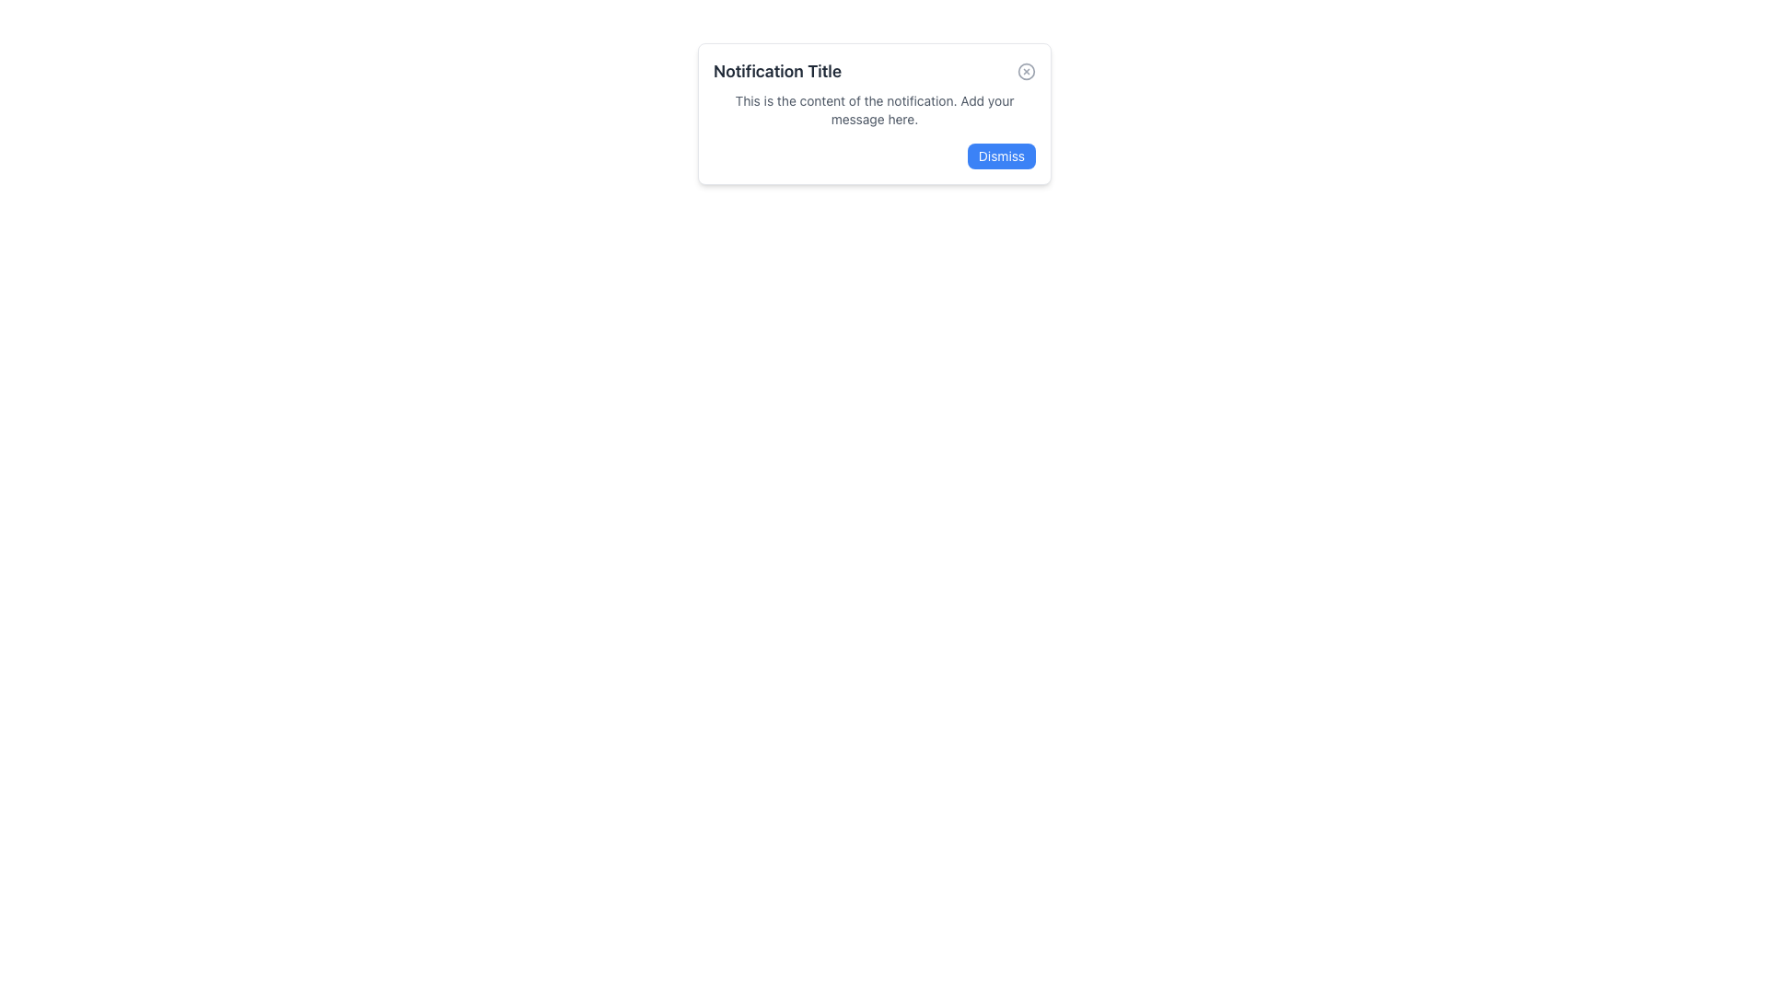 Image resolution: width=1768 pixels, height=994 pixels. I want to click on the small blue button labeled 'Dismiss' to observe the background color change, so click(1000, 155).